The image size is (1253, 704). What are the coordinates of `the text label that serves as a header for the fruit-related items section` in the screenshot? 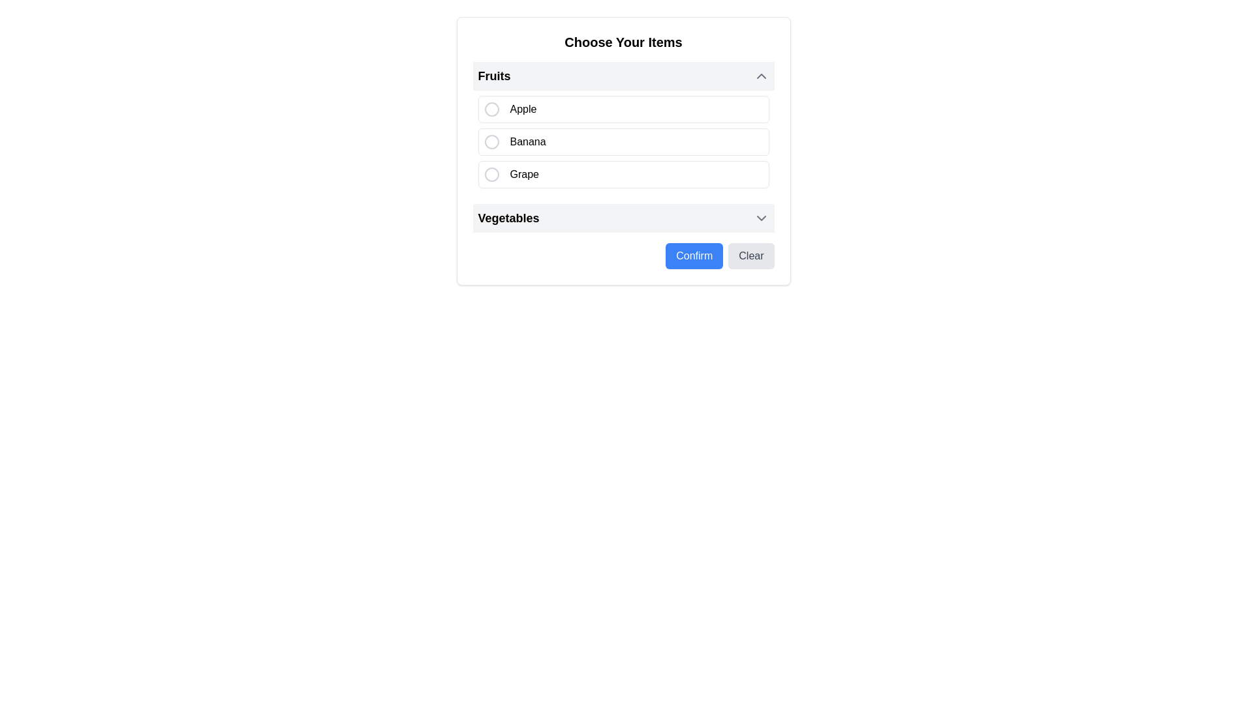 It's located at (493, 76).